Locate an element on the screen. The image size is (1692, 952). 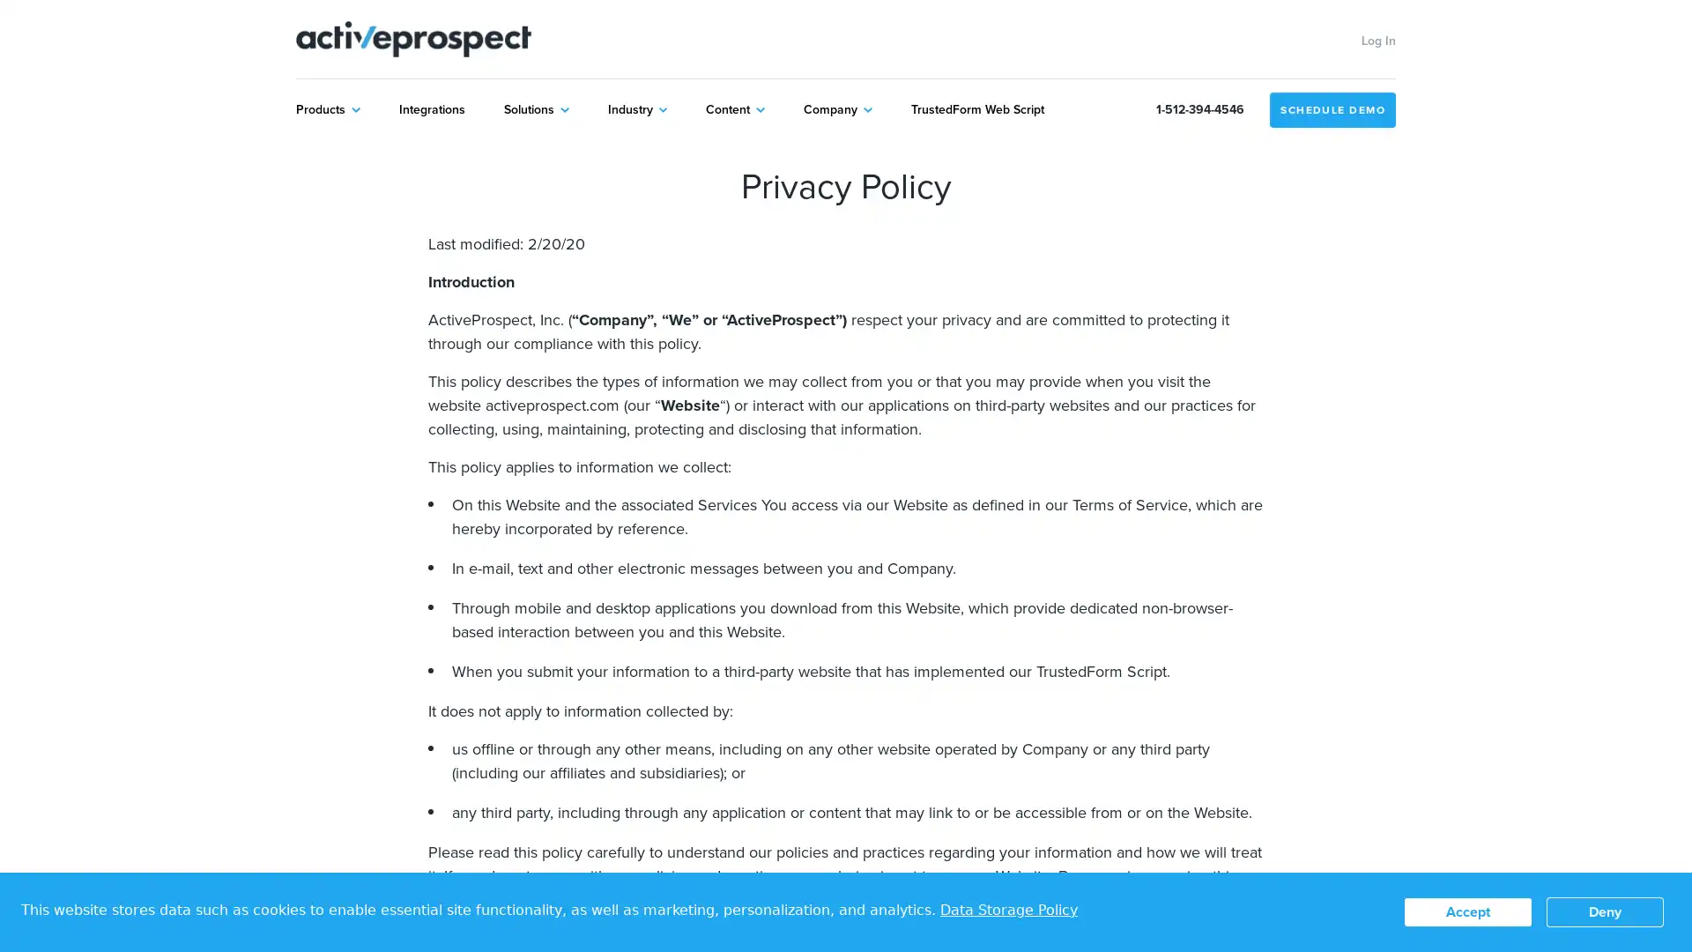
Deny is located at coordinates (1605, 911).